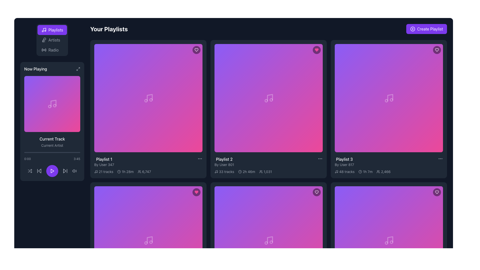 Image resolution: width=480 pixels, height=270 pixels. What do you see at coordinates (344, 162) in the screenshot?
I see `the text label displaying 'Playlist 3' and 'By User 817', located in the description section of the third playlist card in the top-right corner of the playlist grid` at bounding box center [344, 162].